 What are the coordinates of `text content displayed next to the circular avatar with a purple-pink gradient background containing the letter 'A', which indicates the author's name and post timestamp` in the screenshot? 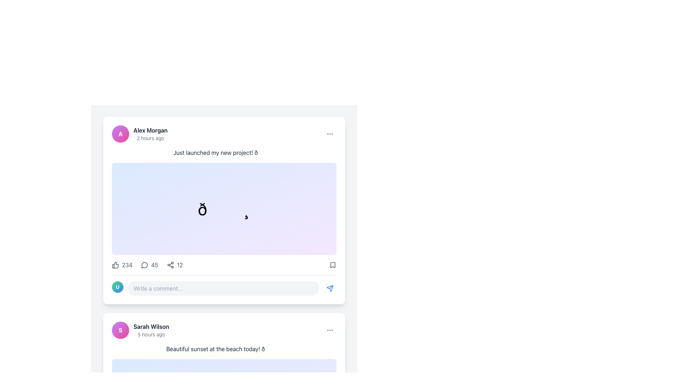 It's located at (150, 134).